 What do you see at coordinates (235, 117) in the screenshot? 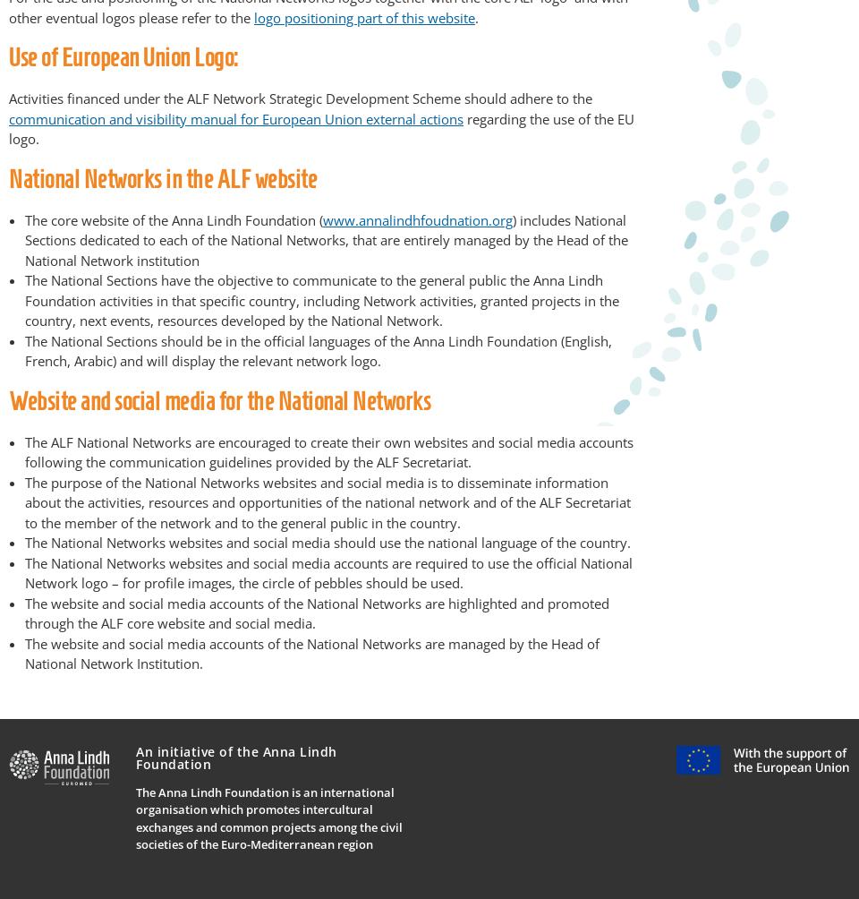
I see `'communication and visibility manual for European Union external actions'` at bounding box center [235, 117].